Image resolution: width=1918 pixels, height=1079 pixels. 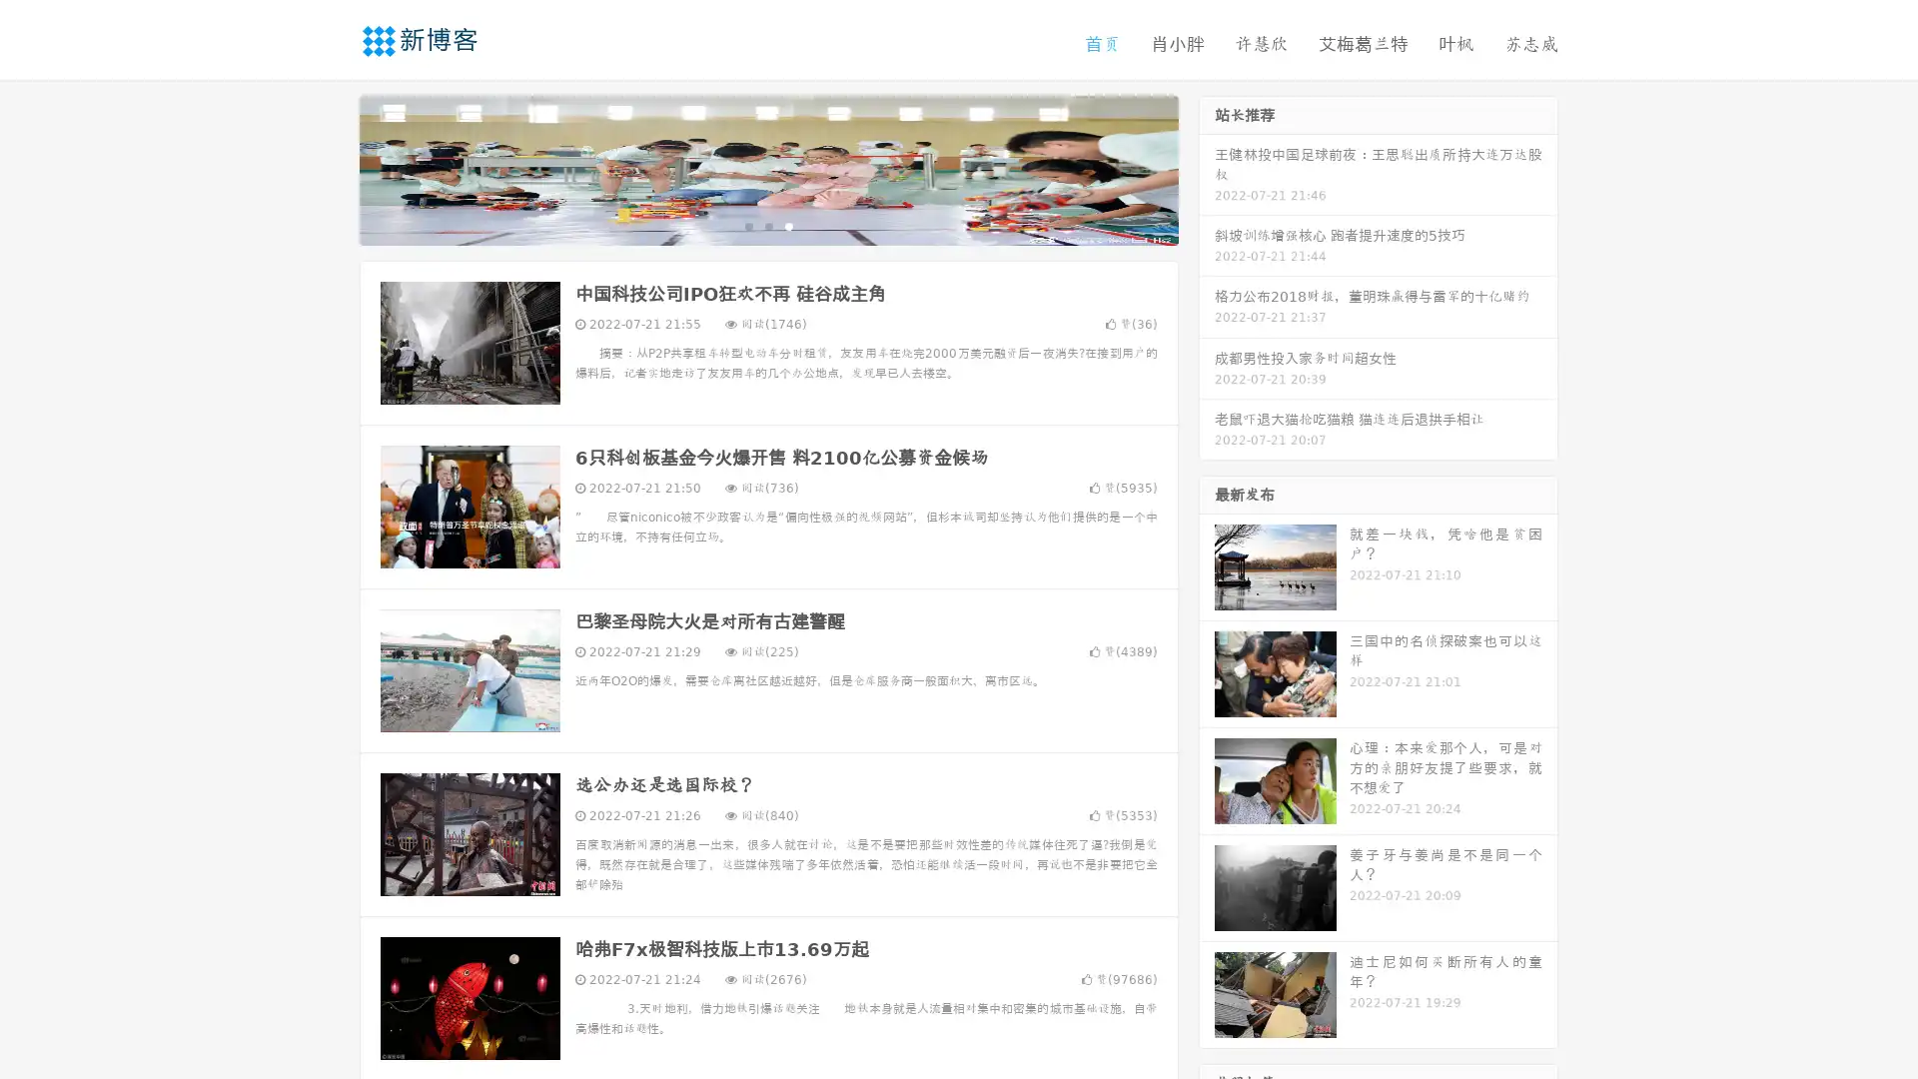 What do you see at coordinates (788, 225) in the screenshot?
I see `Go to slide 3` at bounding box center [788, 225].